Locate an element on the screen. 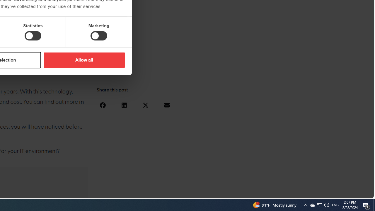 This screenshot has width=375, height=211. 'Share on email' is located at coordinates (166, 105).